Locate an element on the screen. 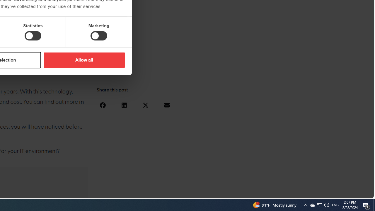 This screenshot has width=375, height=211. 'Share on email' is located at coordinates (166, 105).